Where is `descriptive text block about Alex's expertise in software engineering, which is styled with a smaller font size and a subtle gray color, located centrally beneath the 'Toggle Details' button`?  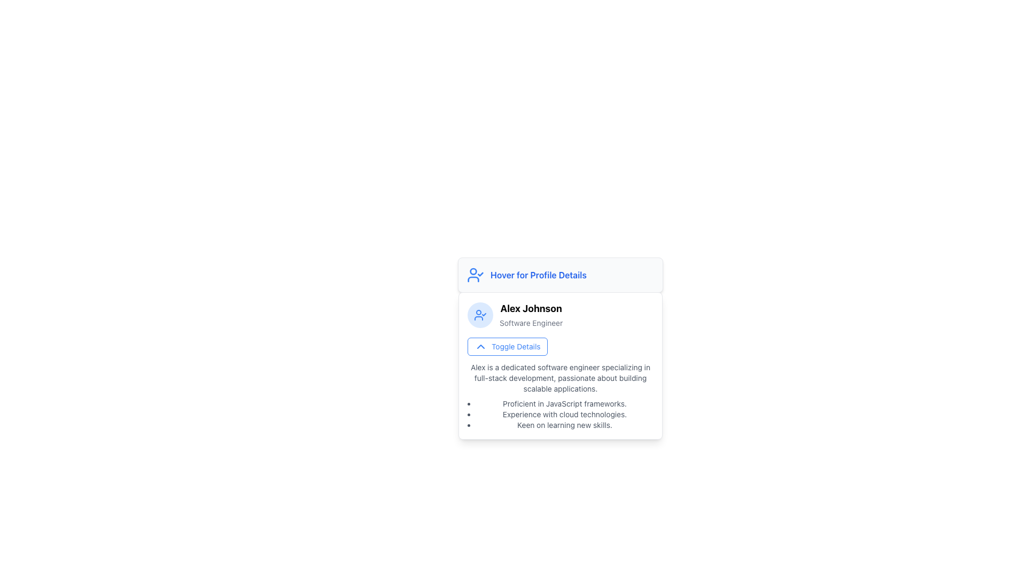
descriptive text block about Alex's expertise in software engineering, which is styled with a smaller font size and a subtle gray color, located centrally beneath the 'Toggle Details' button is located at coordinates (560, 396).